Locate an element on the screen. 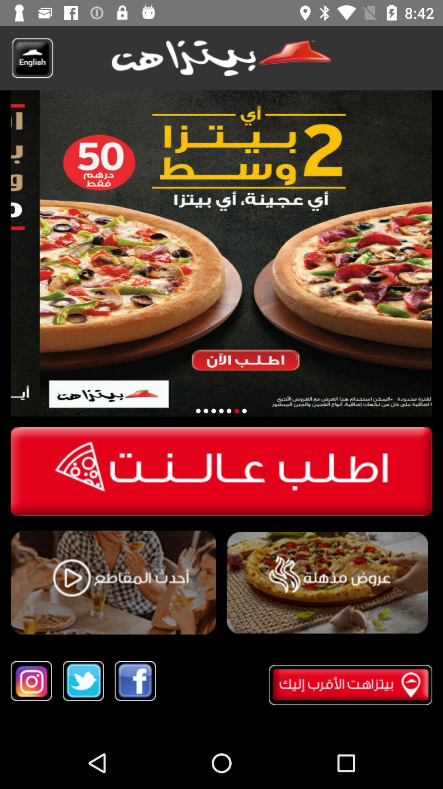  slideshow right is located at coordinates (244, 411).